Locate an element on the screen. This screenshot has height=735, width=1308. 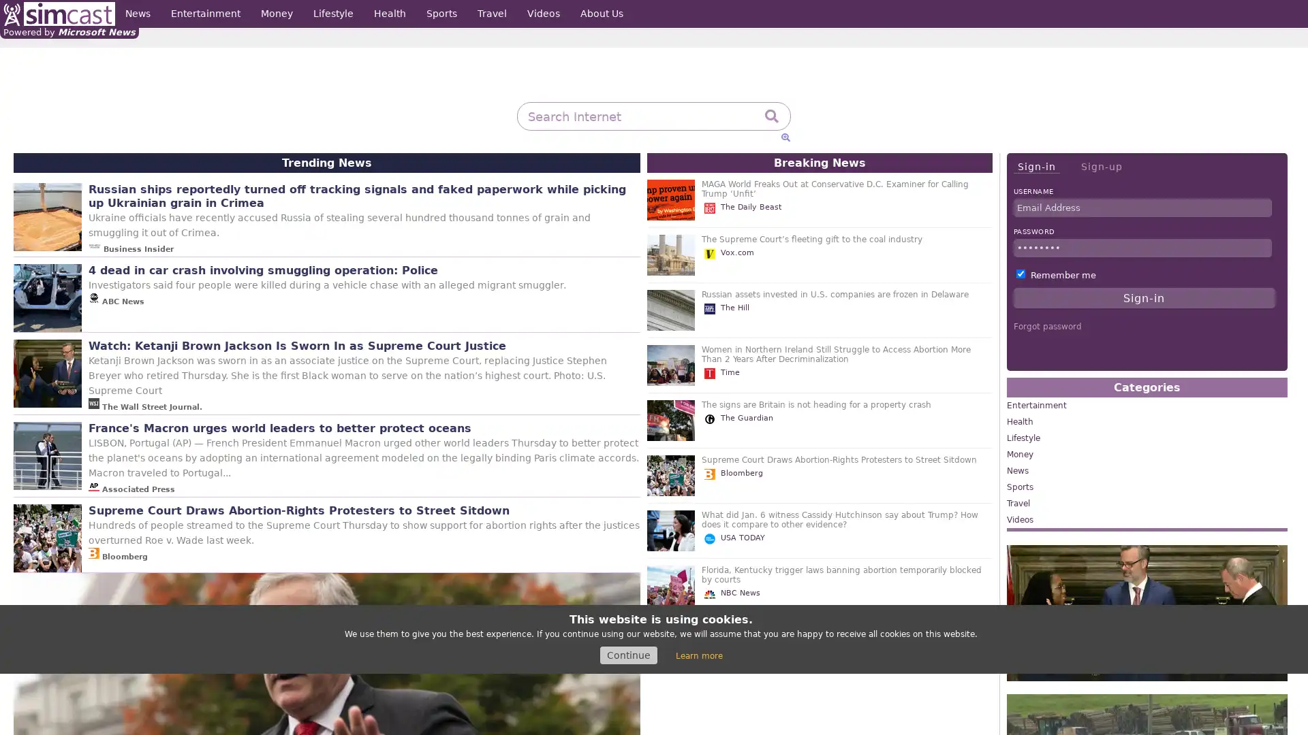
Continue is located at coordinates (627, 655).